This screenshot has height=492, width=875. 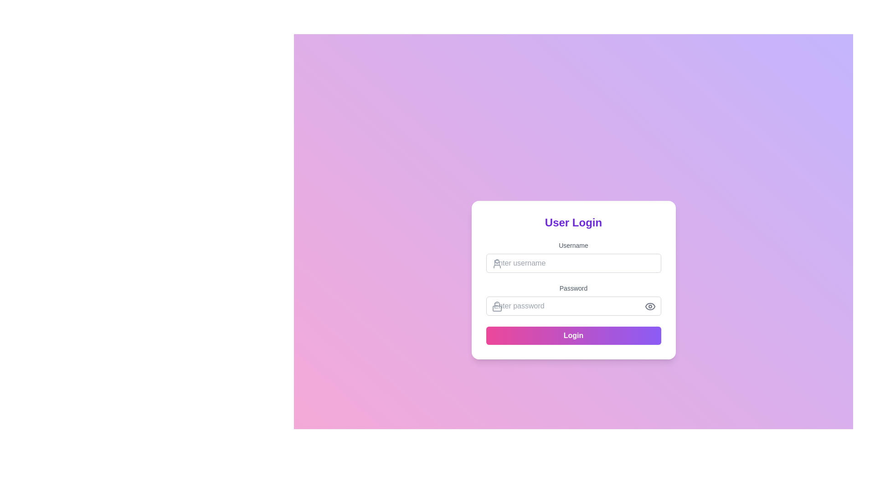 What do you see at coordinates (573, 288) in the screenshot?
I see `the text label displaying 'Password', which is styled in gray and positioned above the password input field in the centered form` at bounding box center [573, 288].